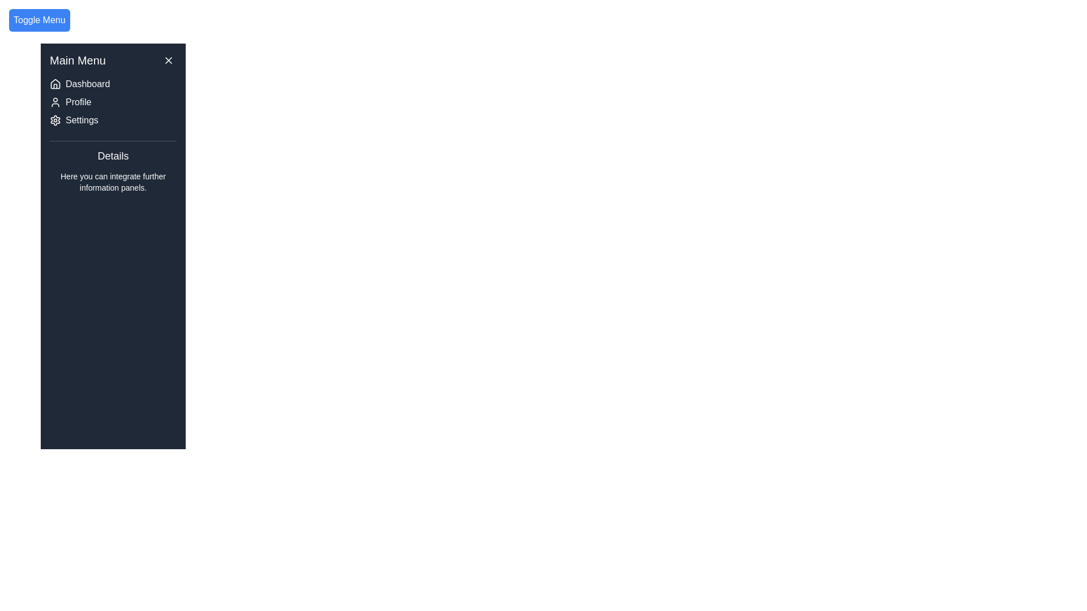  Describe the element at coordinates (113, 102) in the screenshot. I see `the 'Profile' menu item in the sidebar menu, which is the second item in the vertical list of three options` at that location.